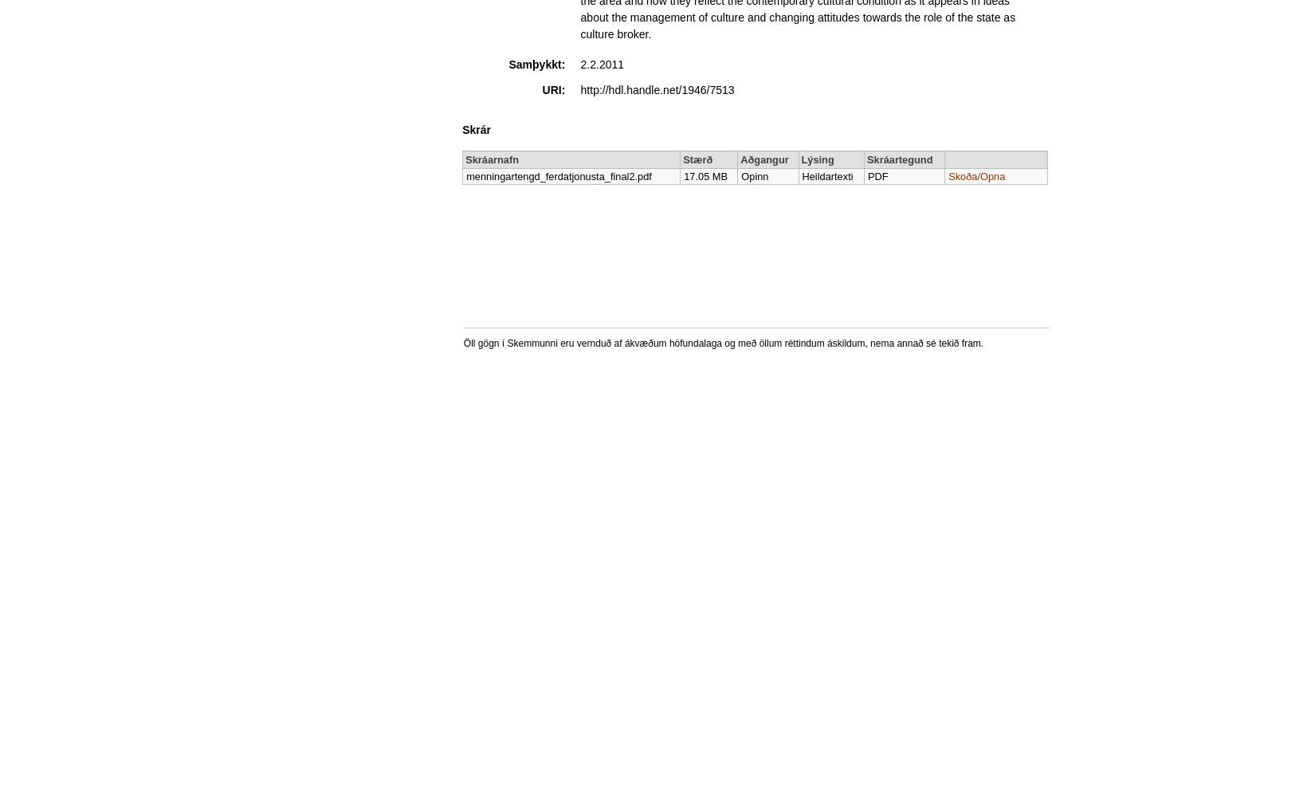  Describe the element at coordinates (475, 130) in the screenshot. I see `'Skrár'` at that location.